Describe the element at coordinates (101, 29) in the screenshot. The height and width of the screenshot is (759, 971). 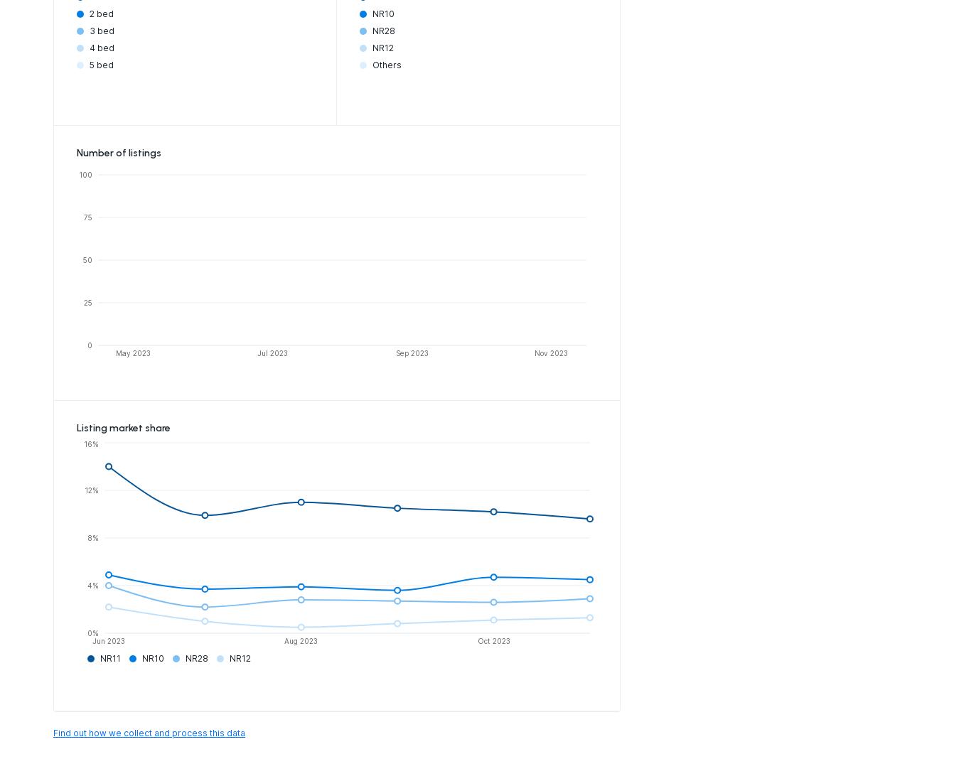
I see `'3 bed'` at that location.